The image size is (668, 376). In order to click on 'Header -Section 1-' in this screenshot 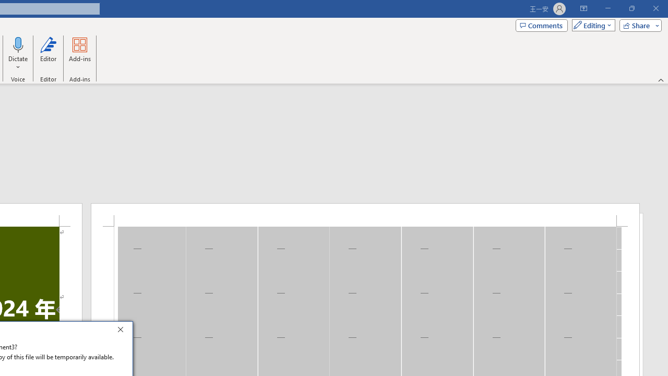, I will do `click(365, 214)`.